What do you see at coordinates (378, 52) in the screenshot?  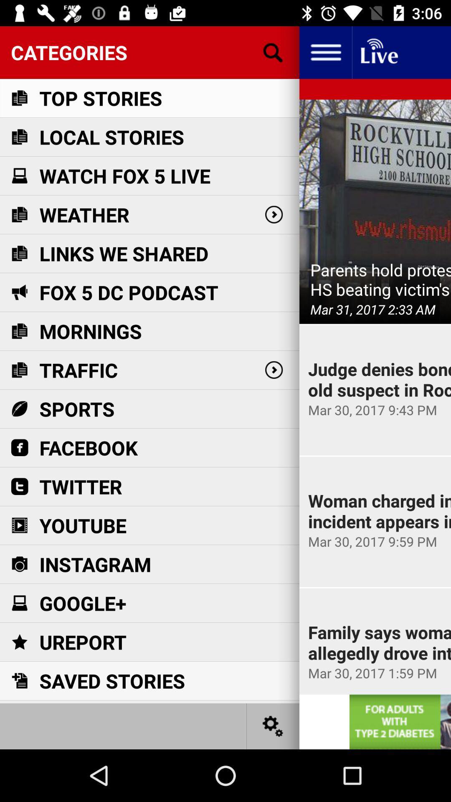 I see `homepage` at bounding box center [378, 52].